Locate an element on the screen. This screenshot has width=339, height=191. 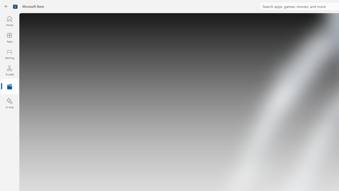
'Gaming' is located at coordinates (9, 54).